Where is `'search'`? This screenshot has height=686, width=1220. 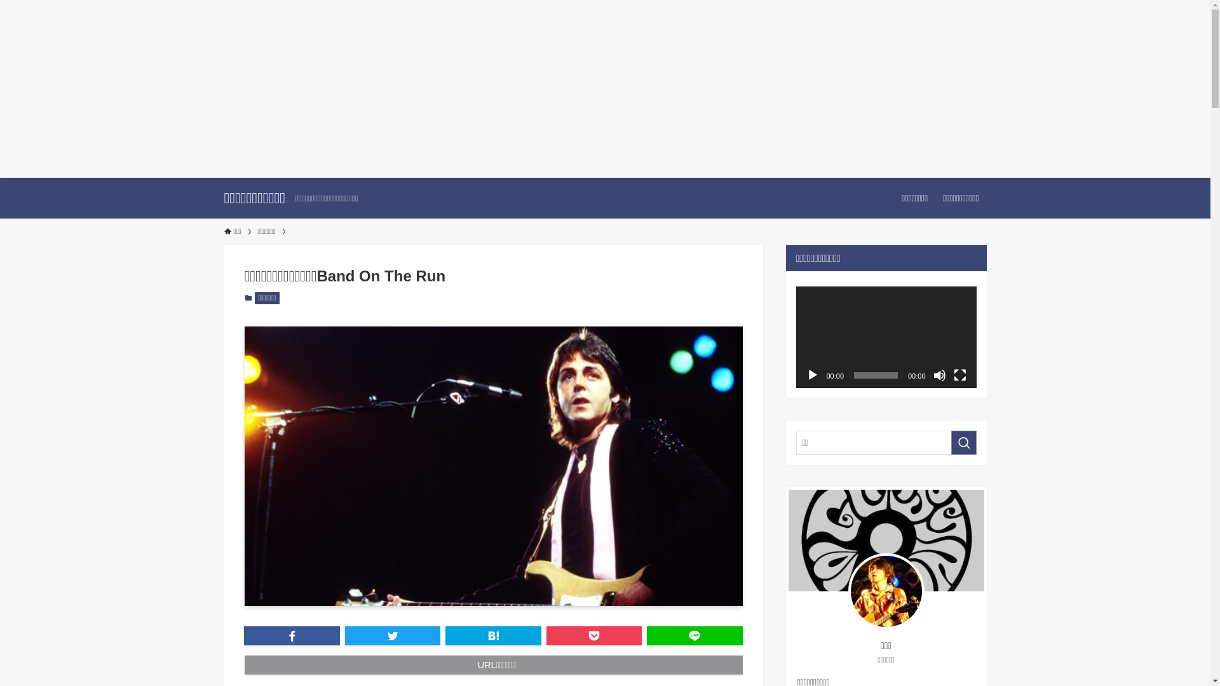
'search' is located at coordinates (771, 353).